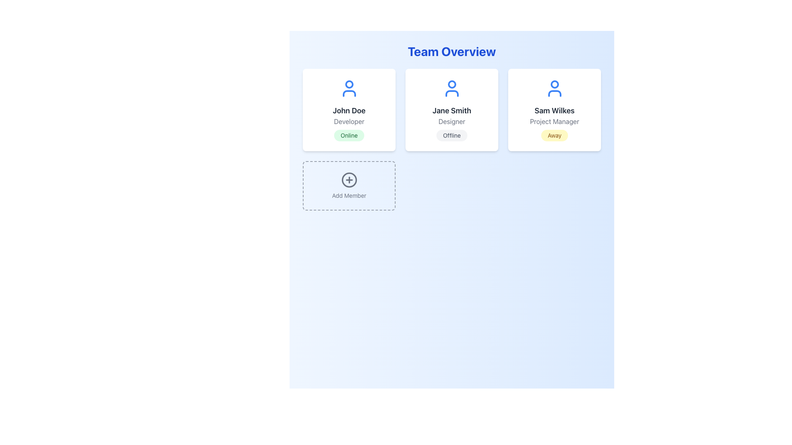 The image size is (792, 445). What do you see at coordinates (349, 135) in the screenshot?
I see `the availability status ('Online') badge for 'John Doe' located at the bottom of his profile tile, beneath the 'Developer' designation text` at bounding box center [349, 135].